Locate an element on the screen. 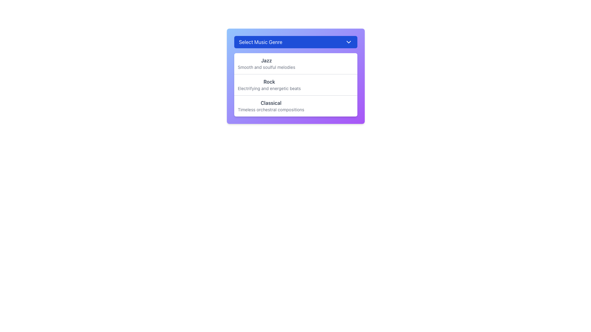 Image resolution: width=591 pixels, height=332 pixels. the text element that reads 'Electrifying and energetic beats', which is styled in a smaller light gray font and positioned directly under the bold 'Rock' text in the drop-down interface is located at coordinates (269, 89).